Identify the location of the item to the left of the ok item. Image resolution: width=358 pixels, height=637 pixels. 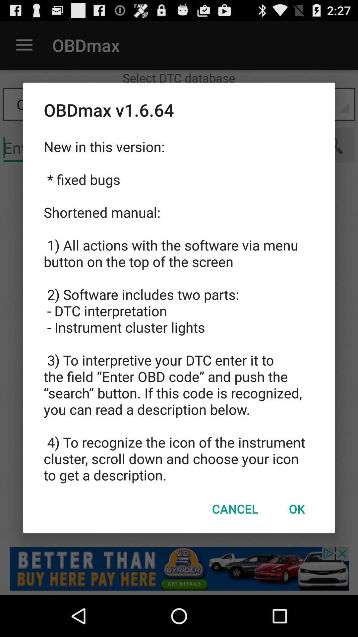
(235, 508).